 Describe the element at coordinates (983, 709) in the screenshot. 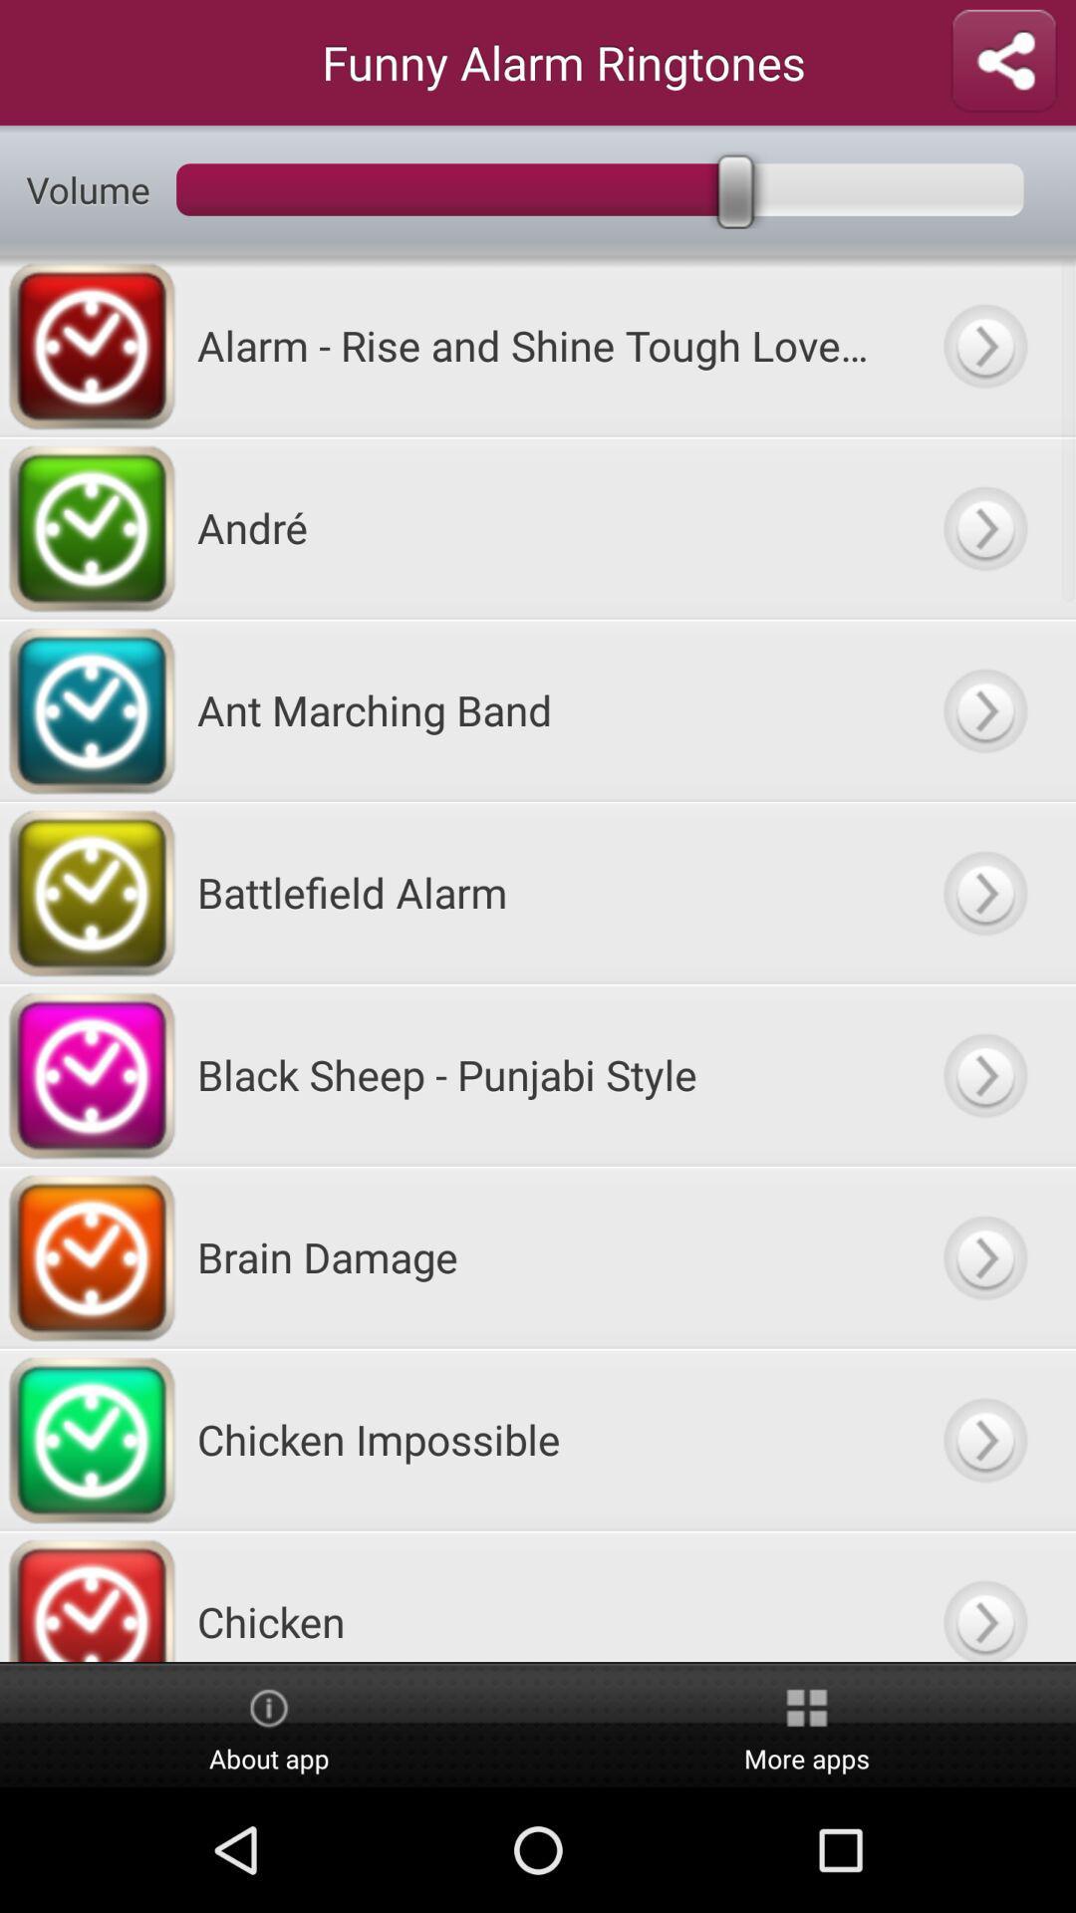

I see `ringtone` at that location.